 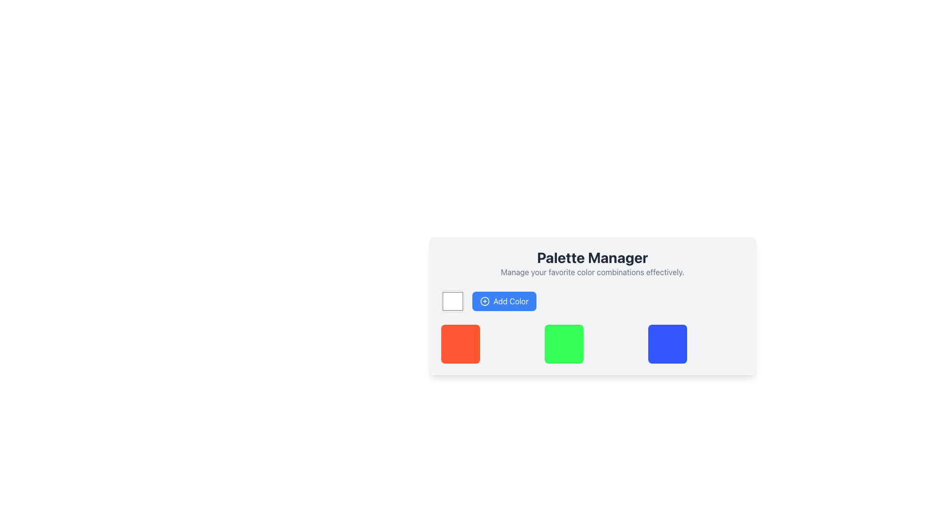 What do you see at coordinates (592, 272) in the screenshot?
I see `the static text element displaying 'Manage your favorite color combinations effectively.' which is positioned below the title 'Palette Manager'` at bounding box center [592, 272].